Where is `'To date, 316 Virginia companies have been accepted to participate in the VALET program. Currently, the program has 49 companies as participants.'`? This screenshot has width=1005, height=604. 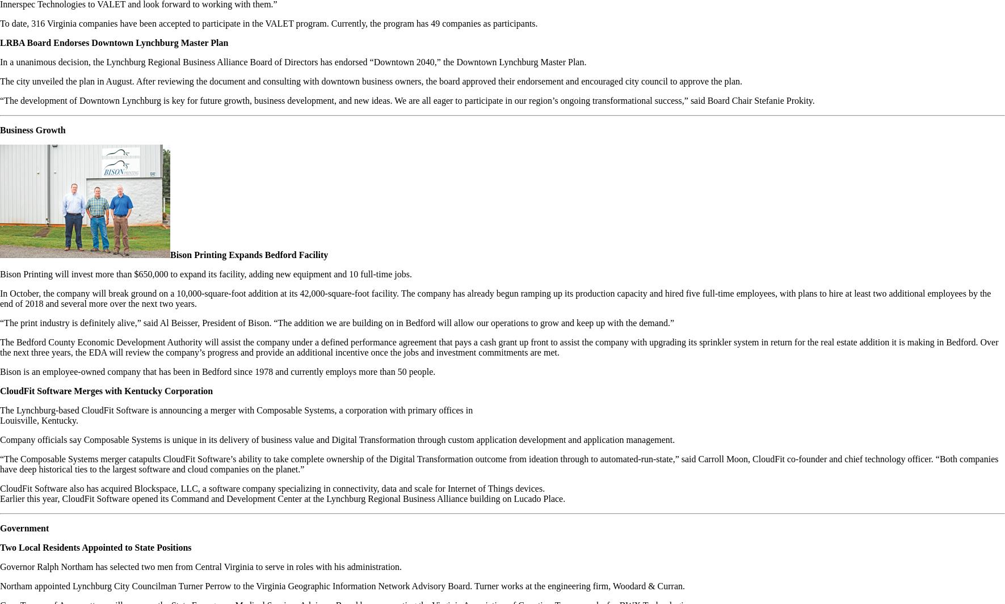
'To date, 316 Virginia companies have been accepted to participate in the VALET program. Currently, the program has 49 companies as participants.' is located at coordinates (268, 23).